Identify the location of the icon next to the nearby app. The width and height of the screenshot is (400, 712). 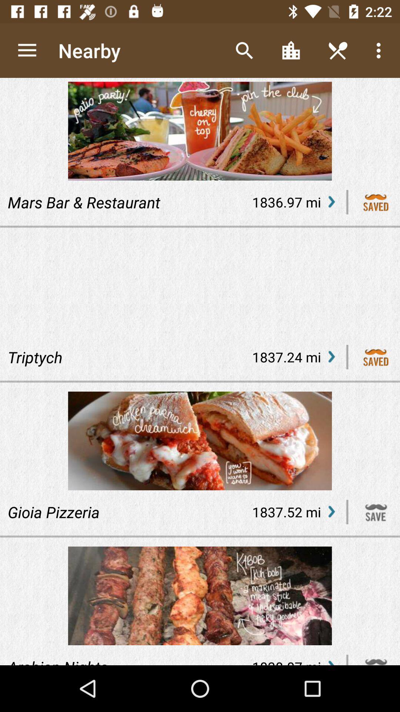
(27, 50).